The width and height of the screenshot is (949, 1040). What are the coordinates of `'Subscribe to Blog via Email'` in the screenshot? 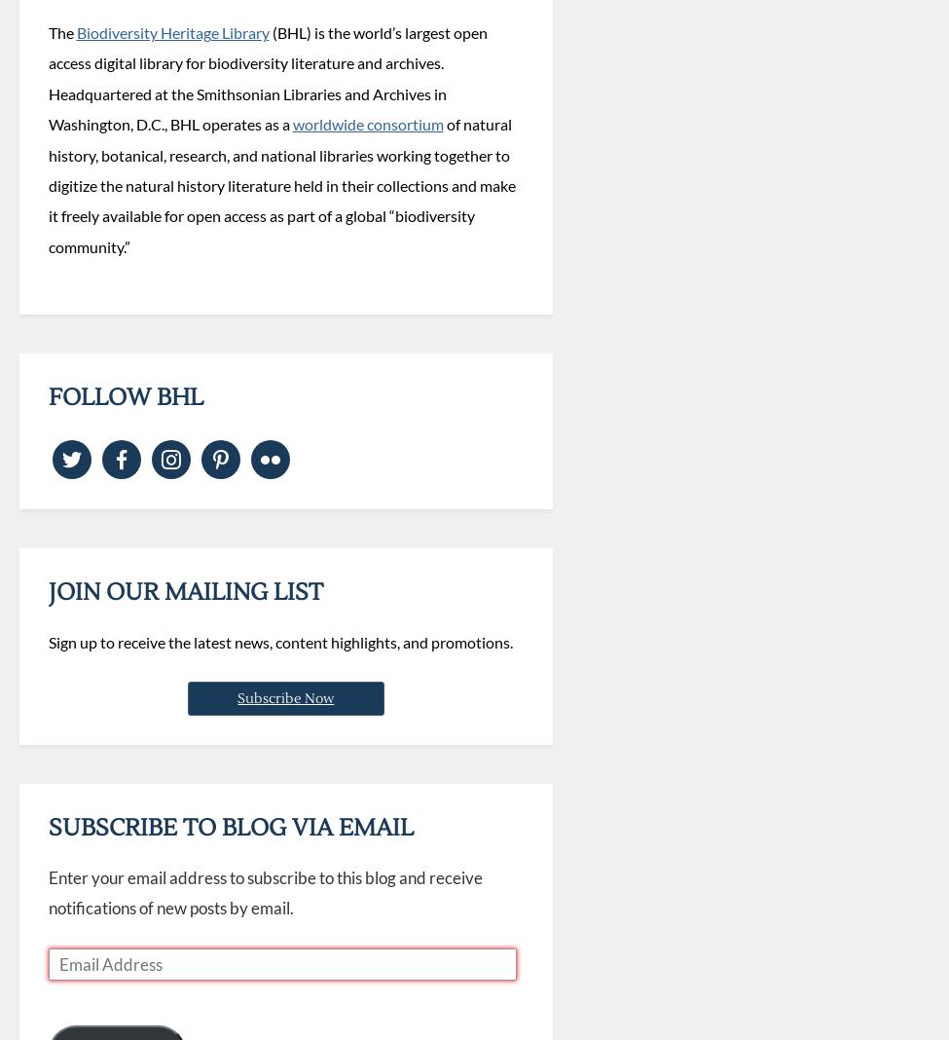 It's located at (48, 826).